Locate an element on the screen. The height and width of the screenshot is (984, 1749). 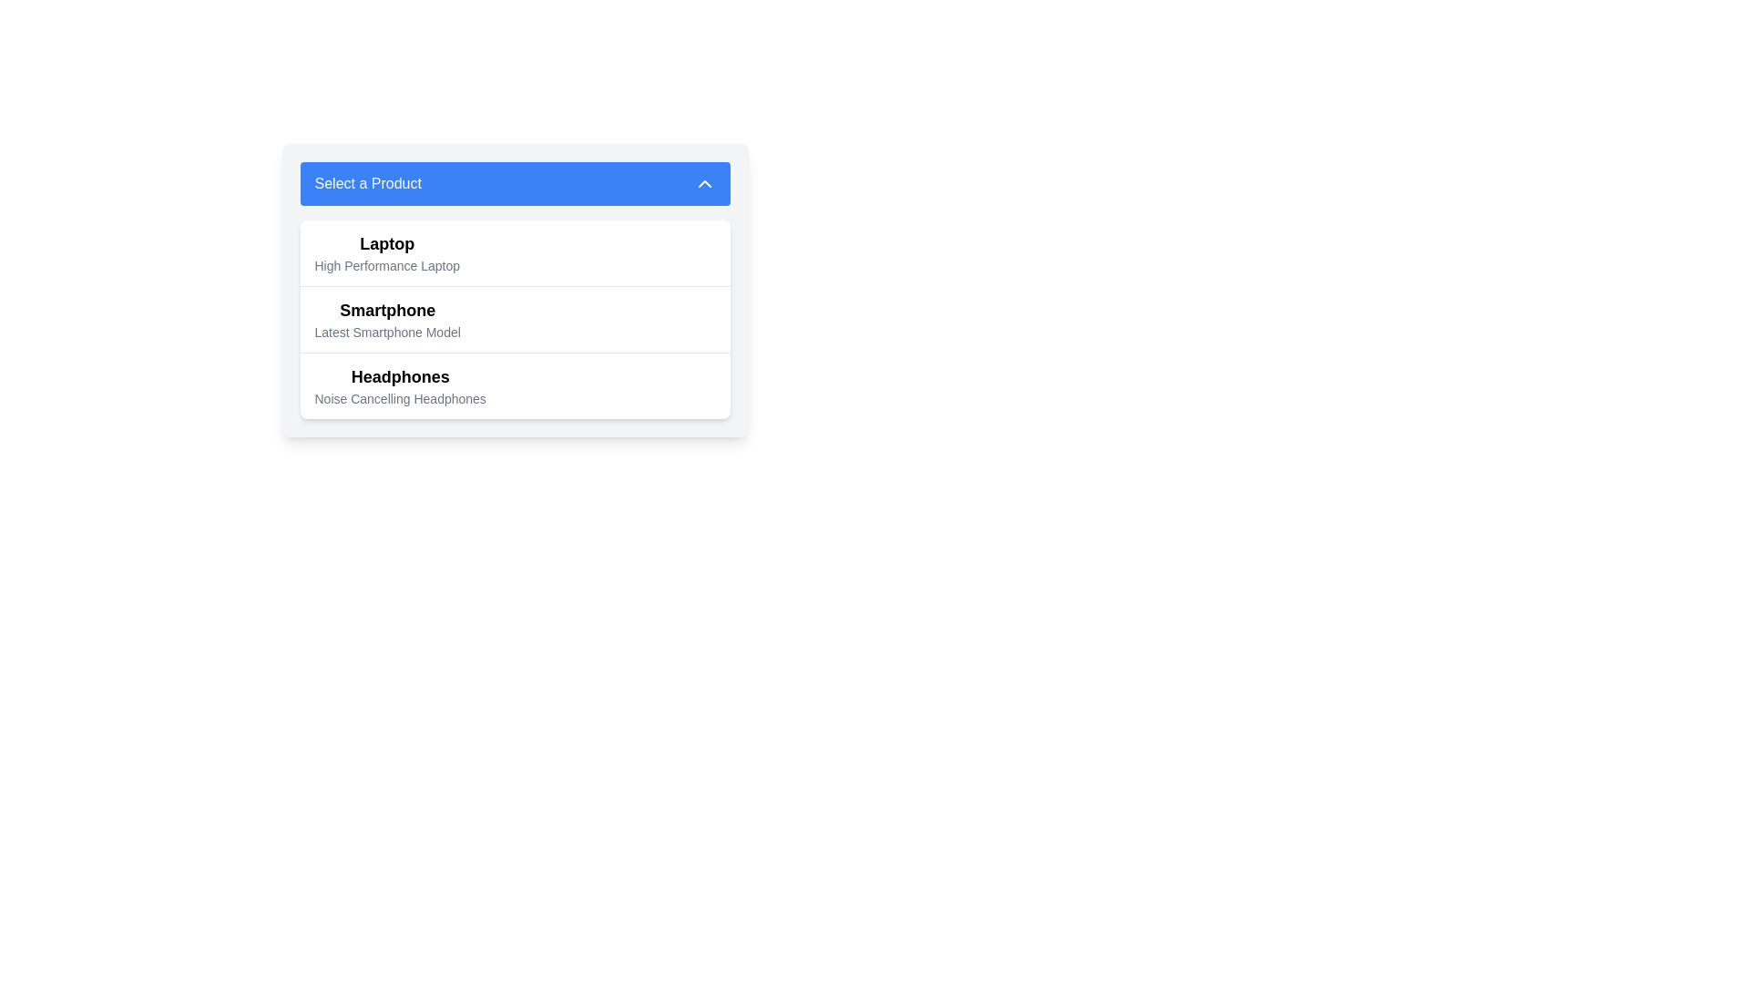
the 'Headphones' text label, which is styled in a bold, large font and serves as the heading of the third item in the list below the 'Select a Product' dropdown is located at coordinates (399, 375).